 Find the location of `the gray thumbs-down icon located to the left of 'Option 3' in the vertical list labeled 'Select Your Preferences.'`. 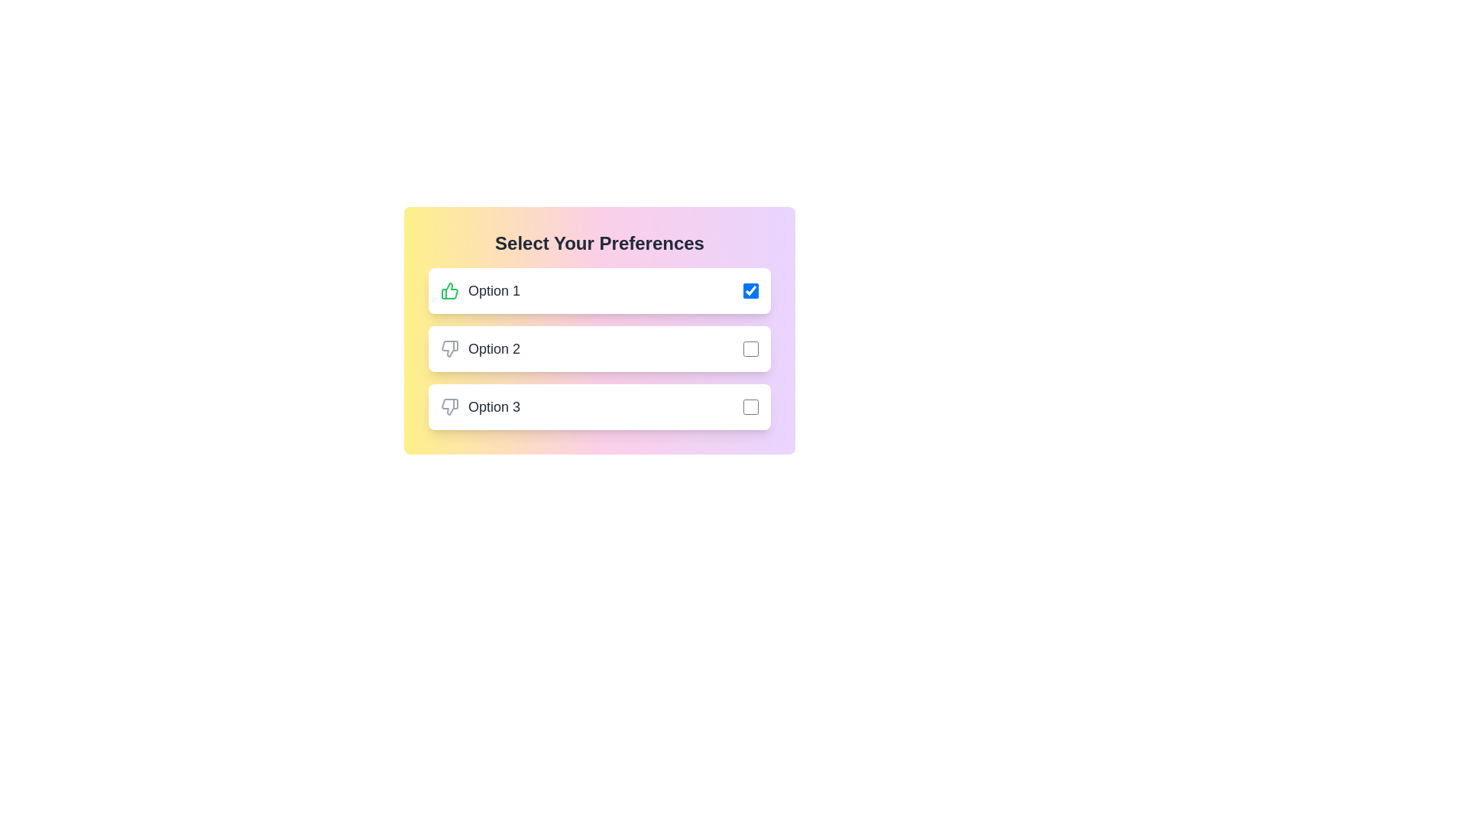

the gray thumbs-down icon located to the left of 'Option 3' in the vertical list labeled 'Select Your Preferences.' is located at coordinates (449, 406).